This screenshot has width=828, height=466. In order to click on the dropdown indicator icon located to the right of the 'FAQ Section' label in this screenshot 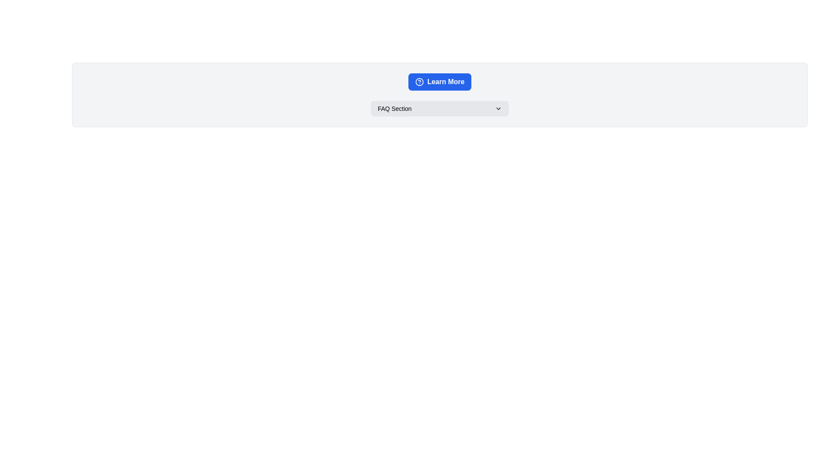, I will do `click(499, 108)`.